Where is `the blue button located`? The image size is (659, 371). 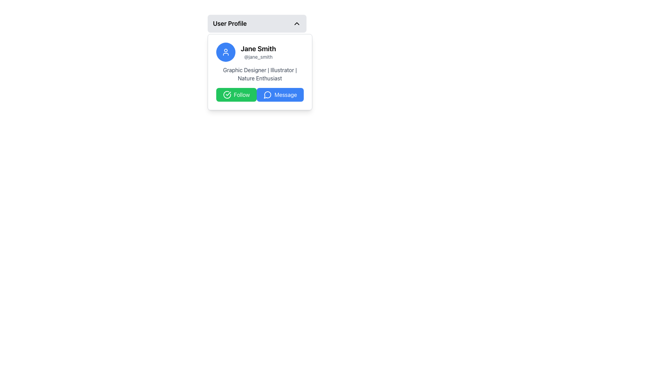
the blue button located is located at coordinates (280, 95).